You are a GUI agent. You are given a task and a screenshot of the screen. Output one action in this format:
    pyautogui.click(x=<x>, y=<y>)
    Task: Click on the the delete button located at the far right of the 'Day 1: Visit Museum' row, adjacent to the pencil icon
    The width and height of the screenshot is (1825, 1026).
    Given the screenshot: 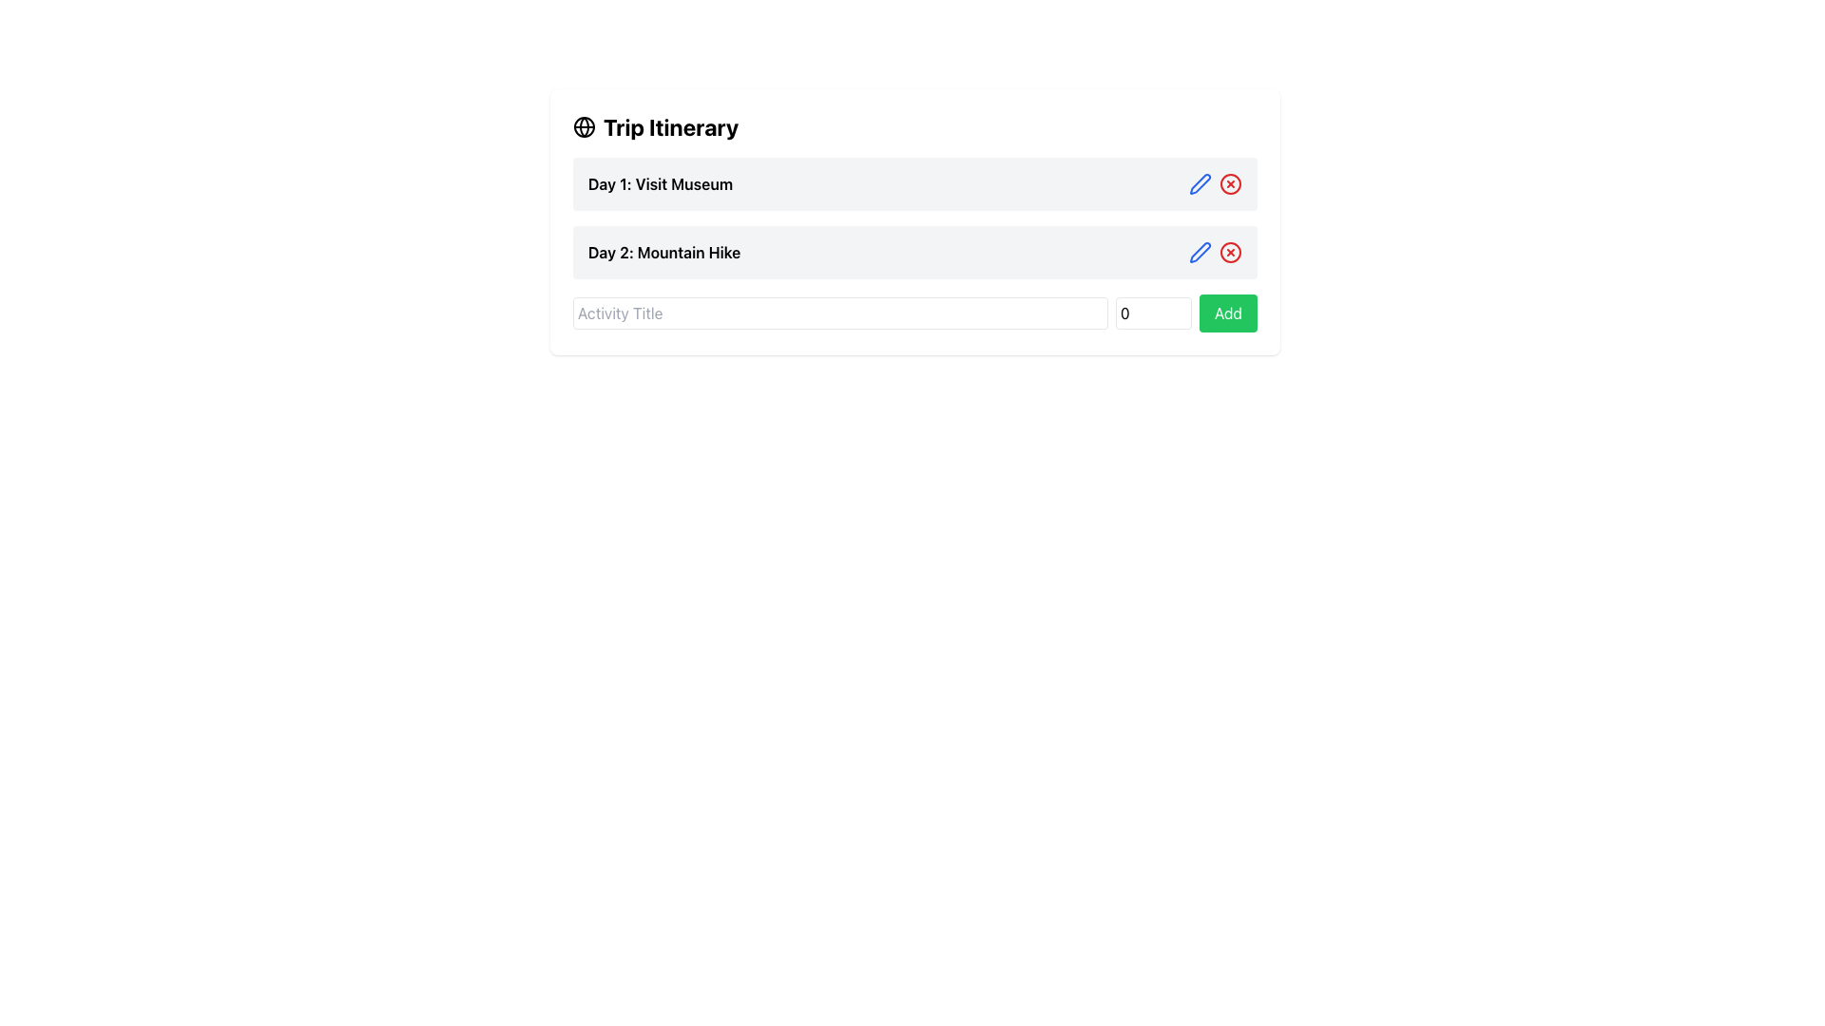 What is the action you would take?
    pyautogui.click(x=1231, y=183)
    